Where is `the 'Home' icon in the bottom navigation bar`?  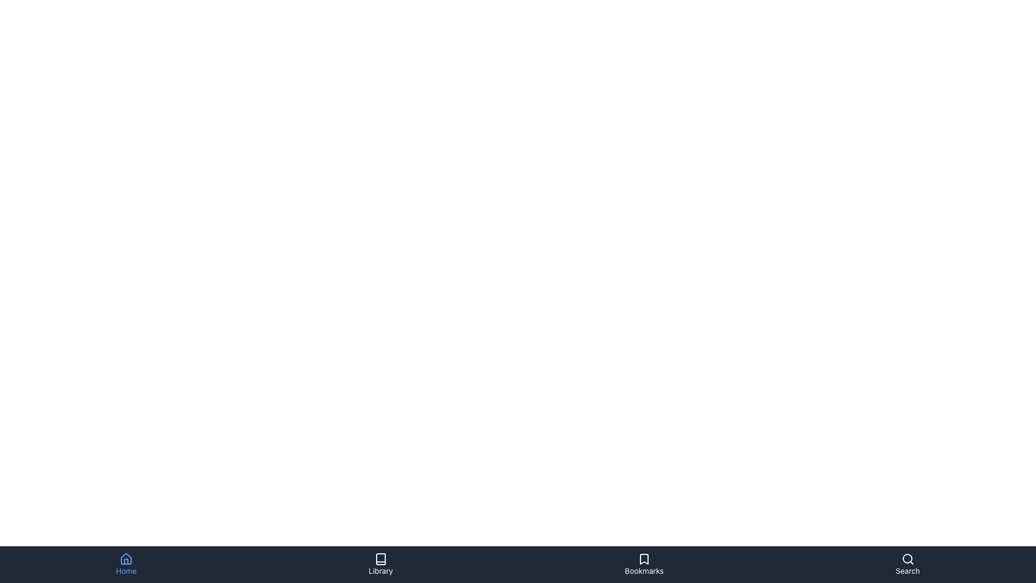 the 'Home' icon in the bottom navigation bar is located at coordinates (126, 559).